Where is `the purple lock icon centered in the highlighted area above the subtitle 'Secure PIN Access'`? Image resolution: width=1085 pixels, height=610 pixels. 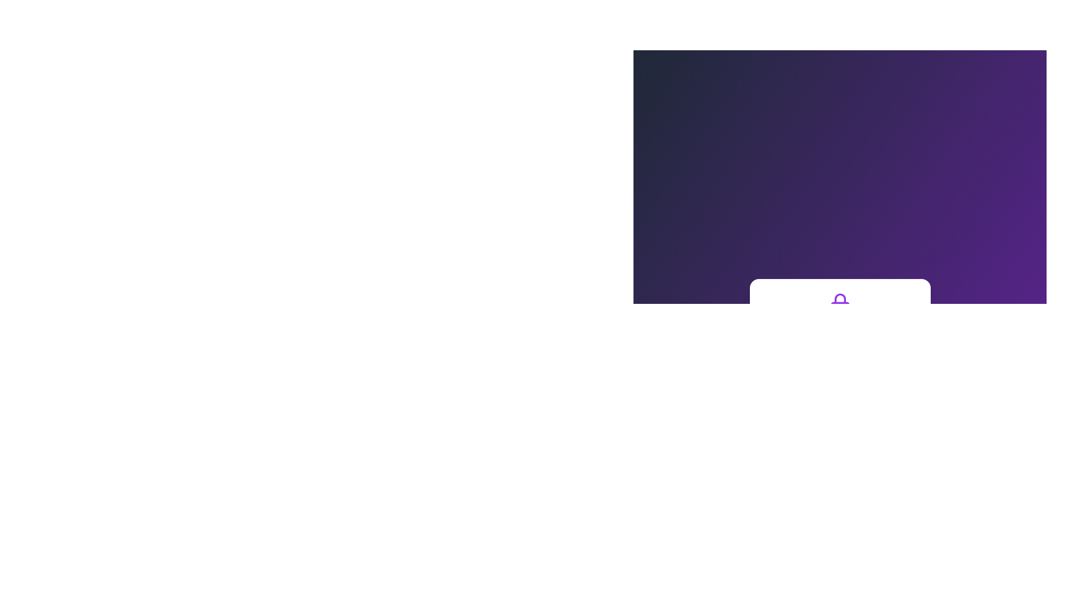 the purple lock icon centered in the highlighted area above the subtitle 'Secure PIN Access' is located at coordinates (840, 303).